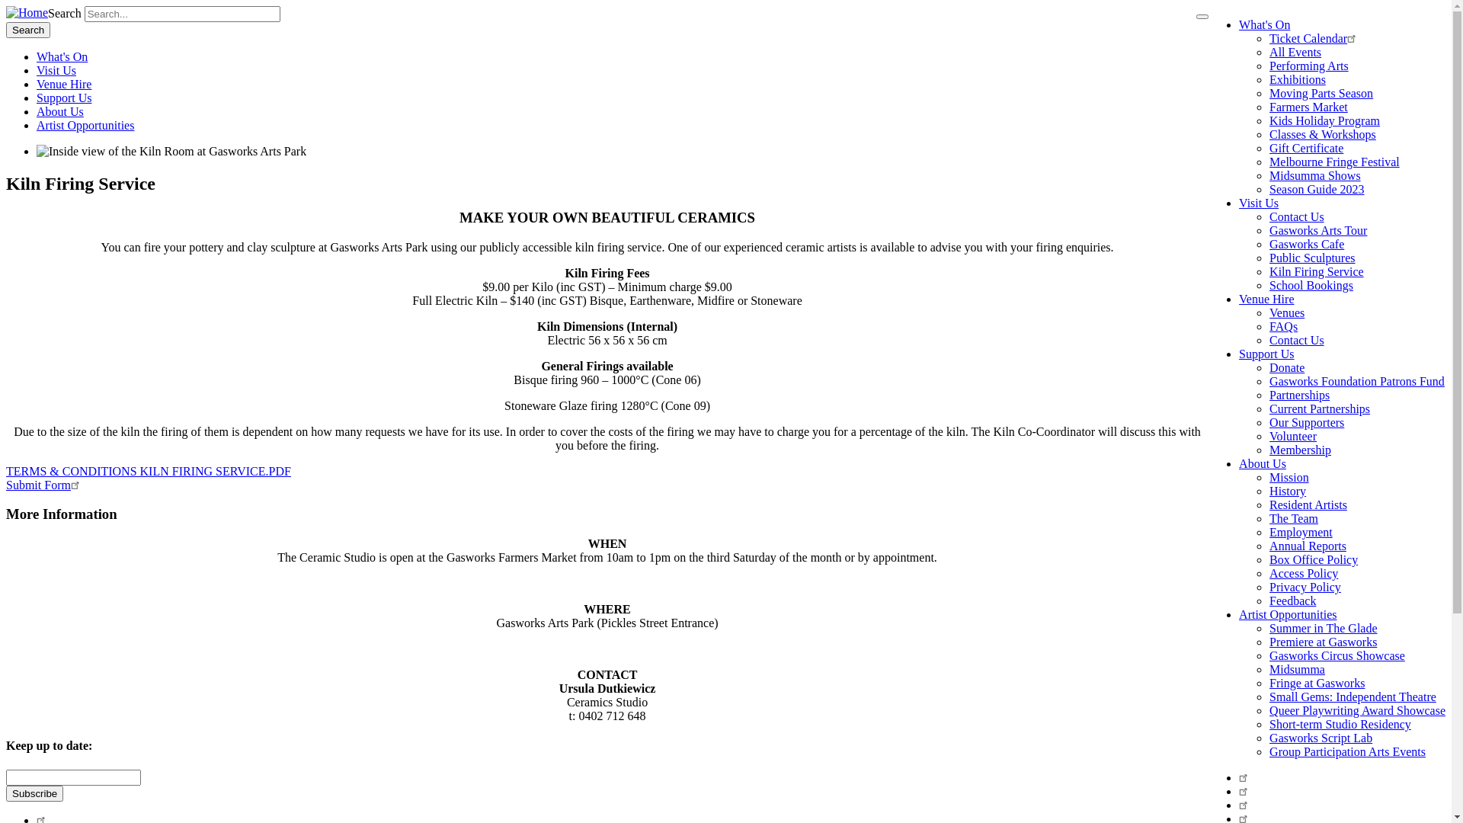 This screenshot has height=823, width=1463. What do you see at coordinates (1297, 79) in the screenshot?
I see `'Exhibitions'` at bounding box center [1297, 79].